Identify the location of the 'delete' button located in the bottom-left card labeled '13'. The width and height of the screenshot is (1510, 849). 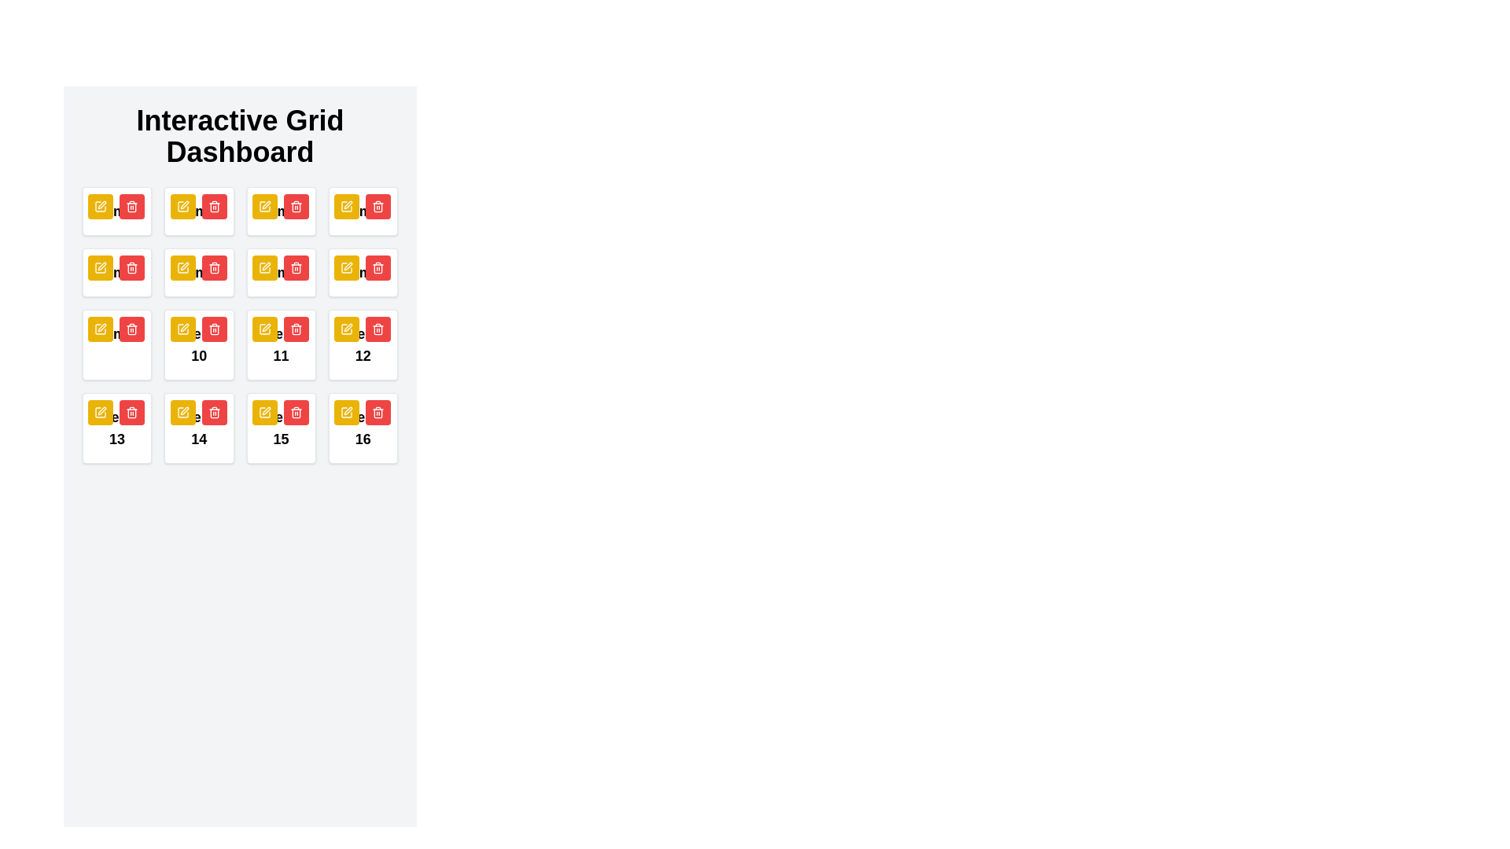
(132, 411).